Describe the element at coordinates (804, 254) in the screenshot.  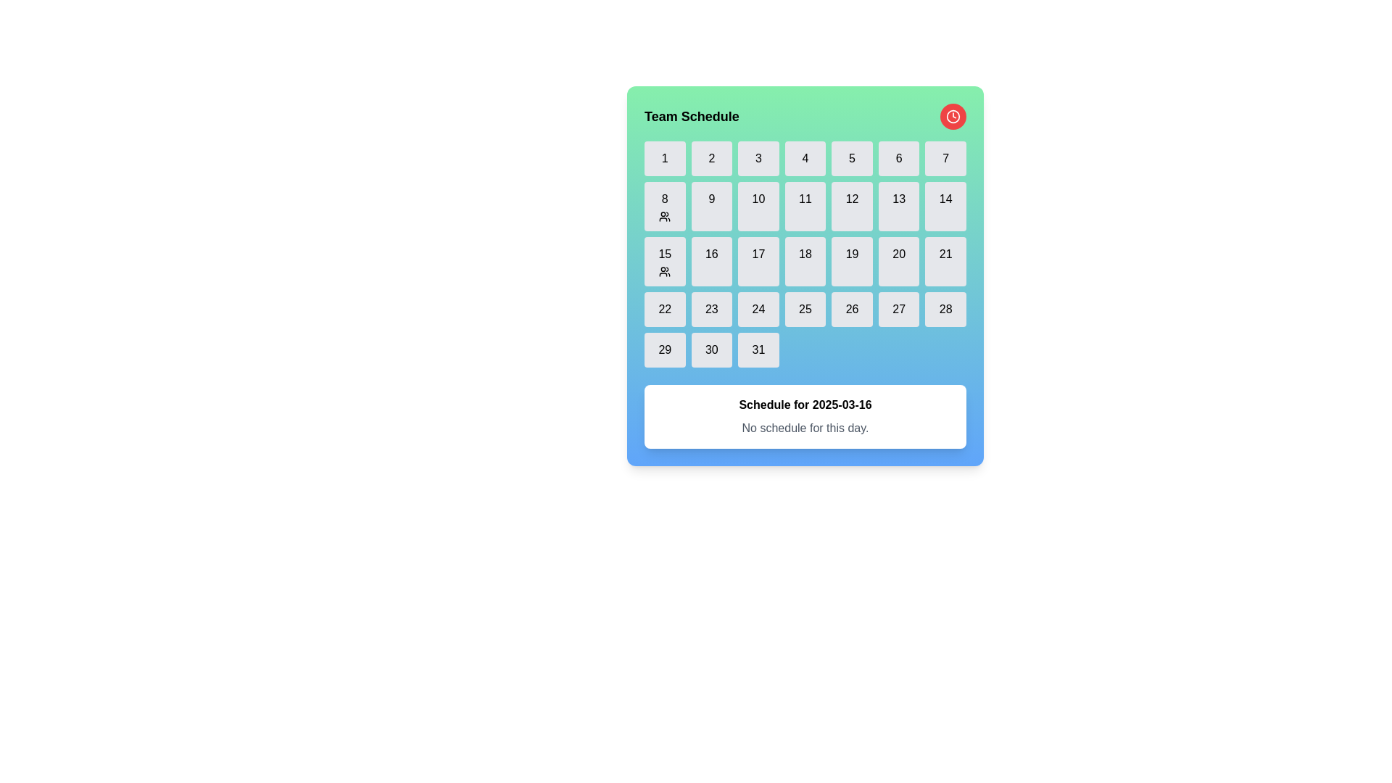
I see `the text '18' in the calendar grid` at that location.